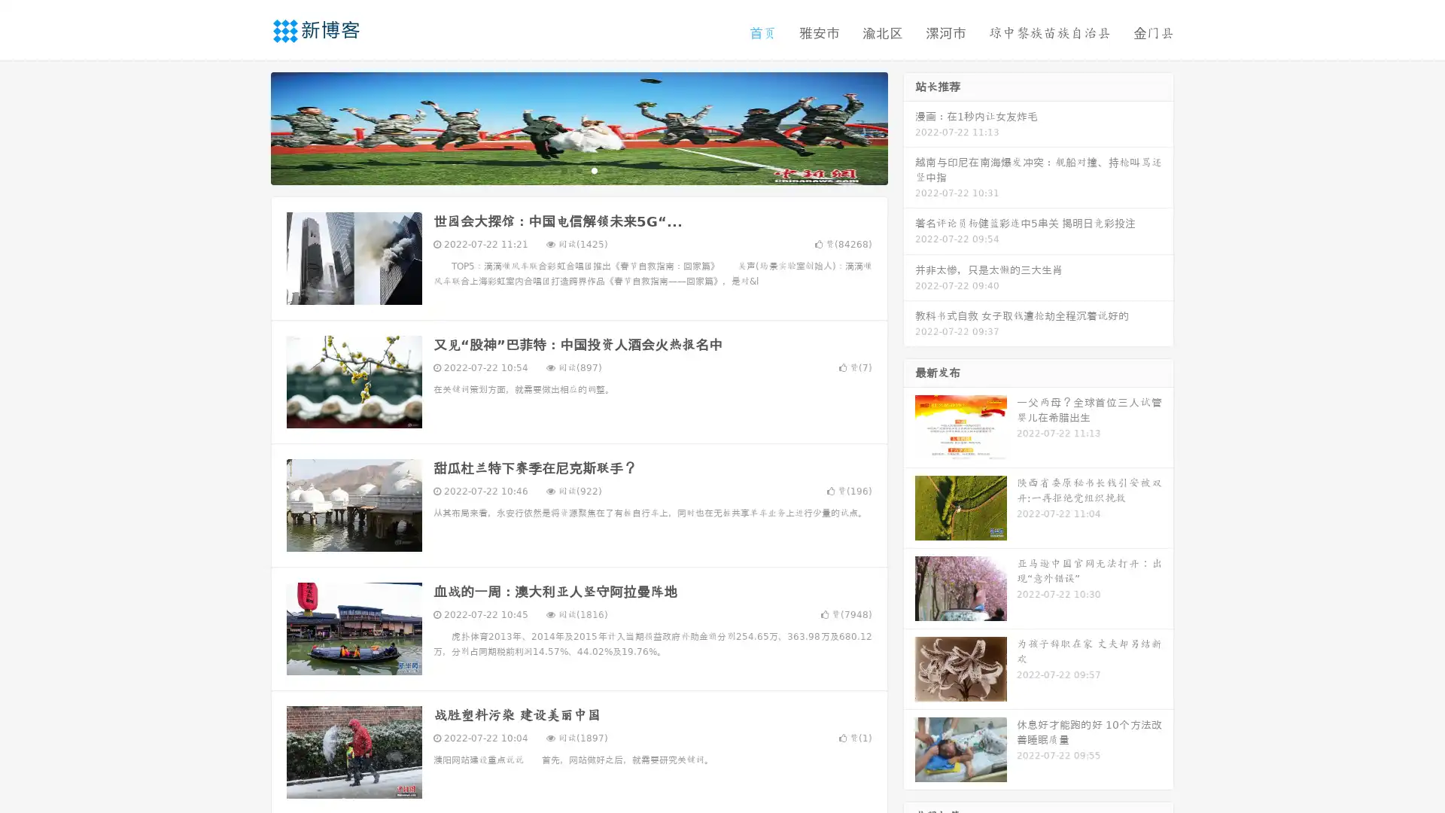 The width and height of the screenshot is (1445, 813). What do you see at coordinates (563, 169) in the screenshot?
I see `Go to slide 1` at bounding box center [563, 169].